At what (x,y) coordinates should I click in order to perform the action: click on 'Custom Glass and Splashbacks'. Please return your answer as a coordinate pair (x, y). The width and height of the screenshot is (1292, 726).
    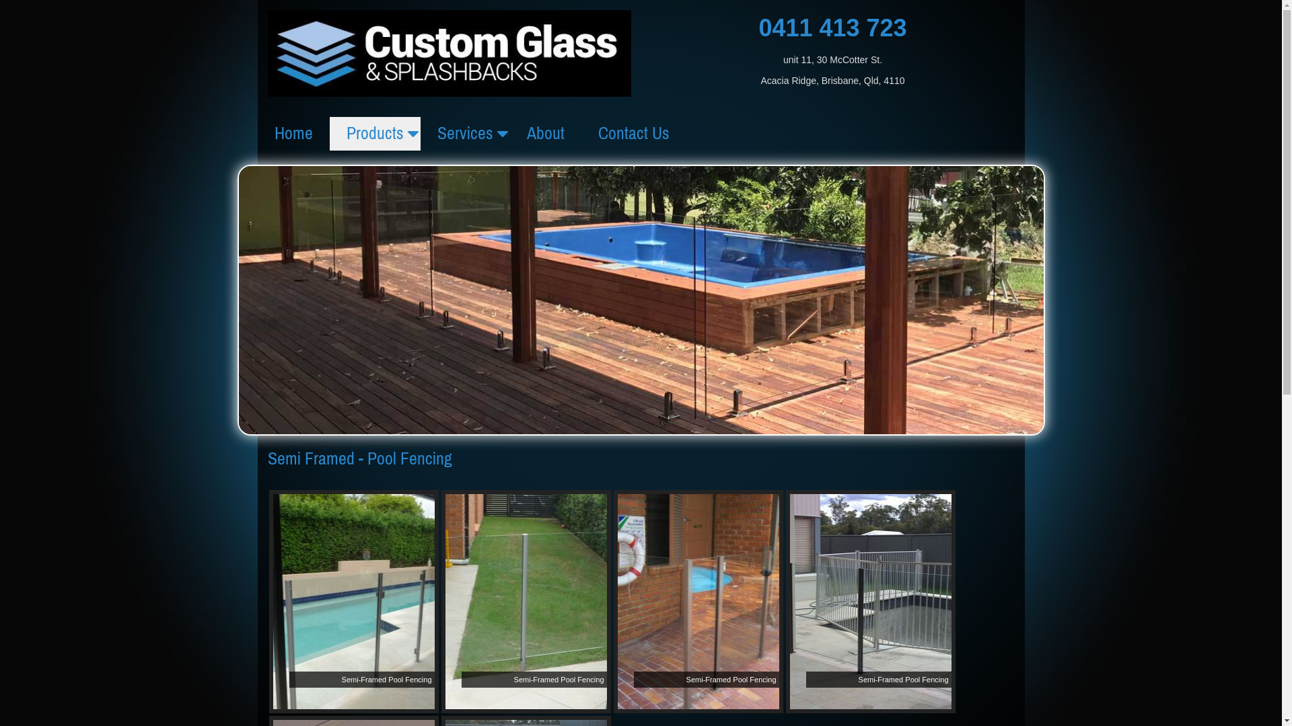
    Looking at the image, I should click on (449, 51).